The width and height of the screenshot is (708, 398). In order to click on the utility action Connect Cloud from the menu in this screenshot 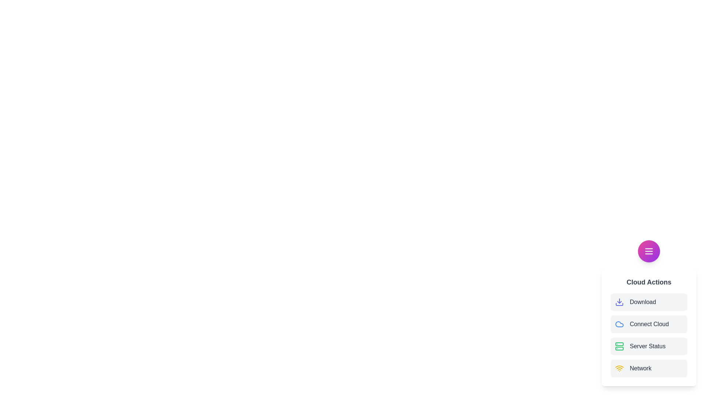, I will do `click(649, 324)`.